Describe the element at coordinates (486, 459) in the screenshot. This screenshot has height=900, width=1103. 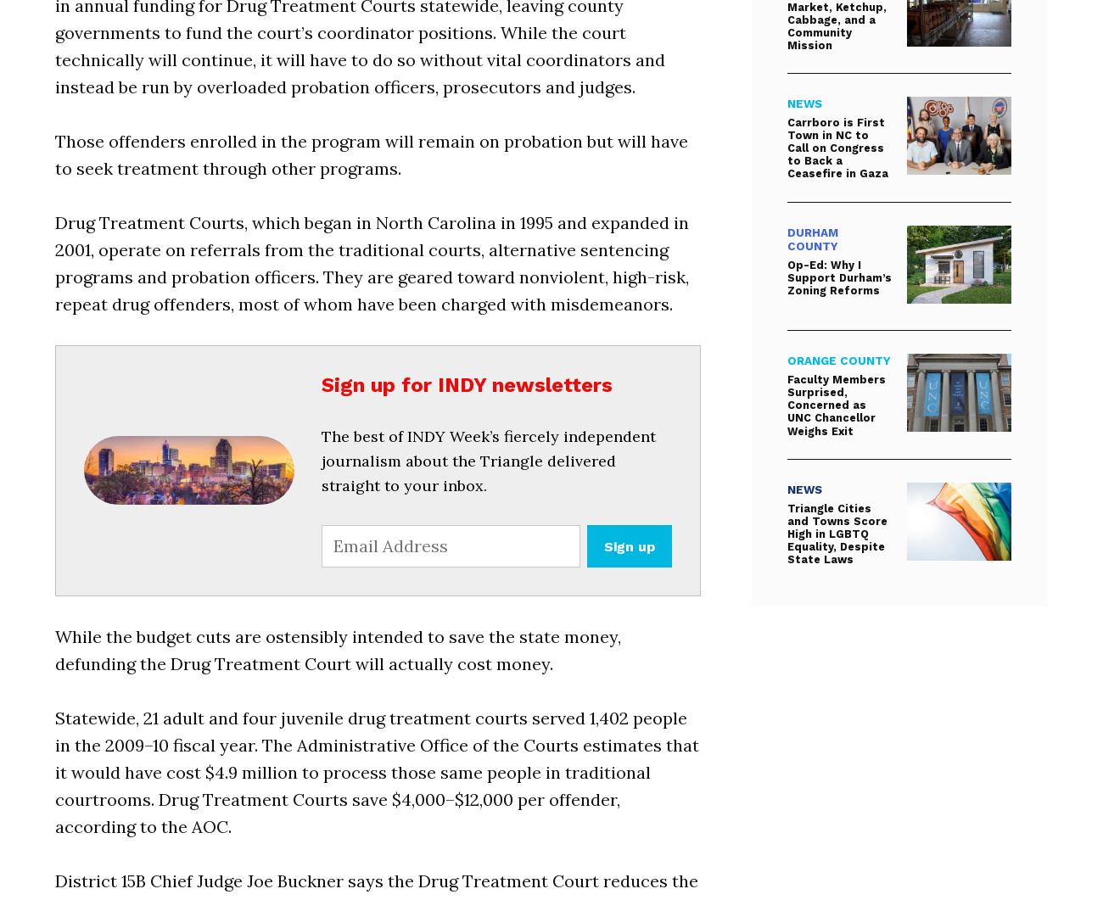
I see `'The best of INDY Week’s fiercely independent journalism about the Triangle delivered straight to your inbox.'` at that location.